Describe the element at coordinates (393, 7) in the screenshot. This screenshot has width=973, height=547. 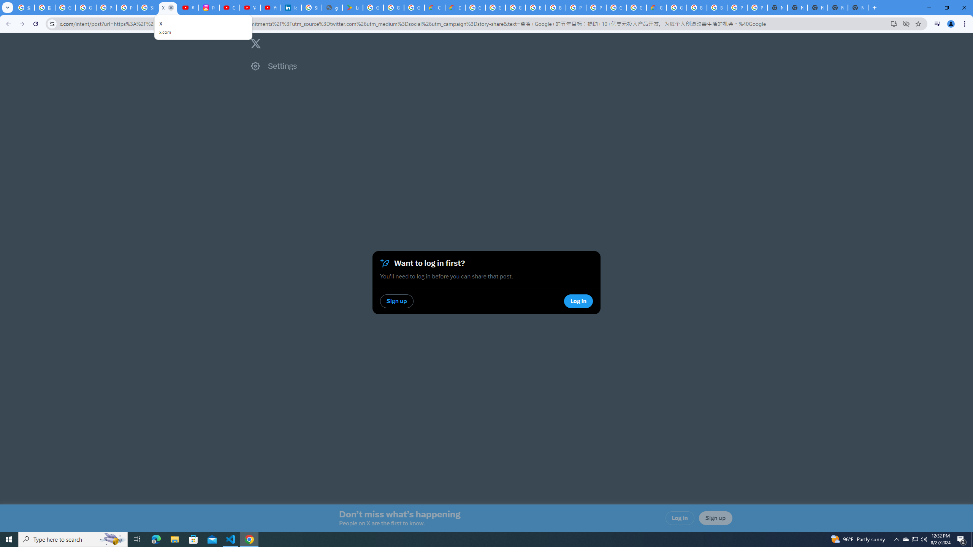
I see `'Google Workspace - Specific Terms'` at that location.